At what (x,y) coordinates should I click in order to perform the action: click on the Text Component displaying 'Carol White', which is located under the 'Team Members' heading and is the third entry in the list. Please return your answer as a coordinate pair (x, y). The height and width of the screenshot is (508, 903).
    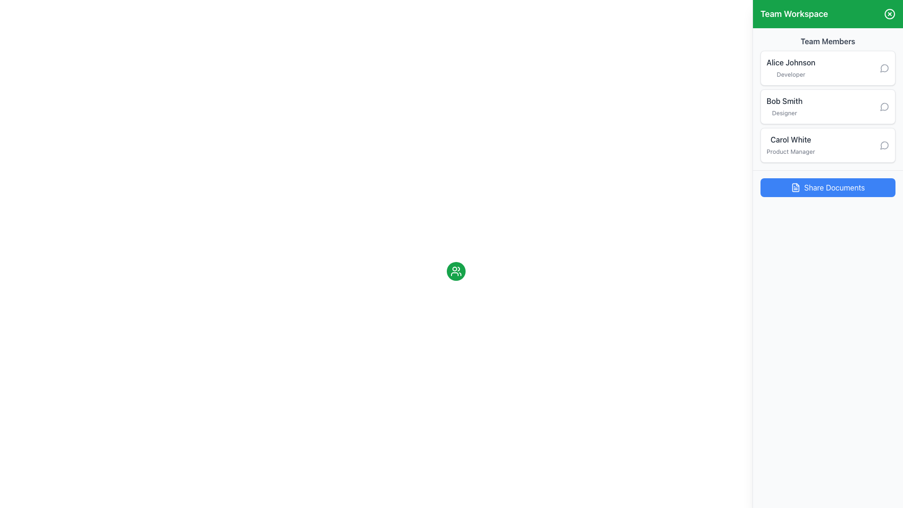
    Looking at the image, I should click on (790, 145).